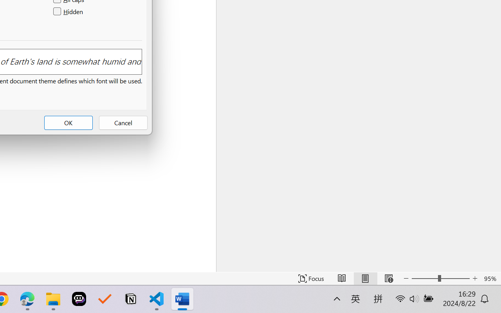  Describe the element at coordinates (69, 12) in the screenshot. I see `'Hidden'` at that location.